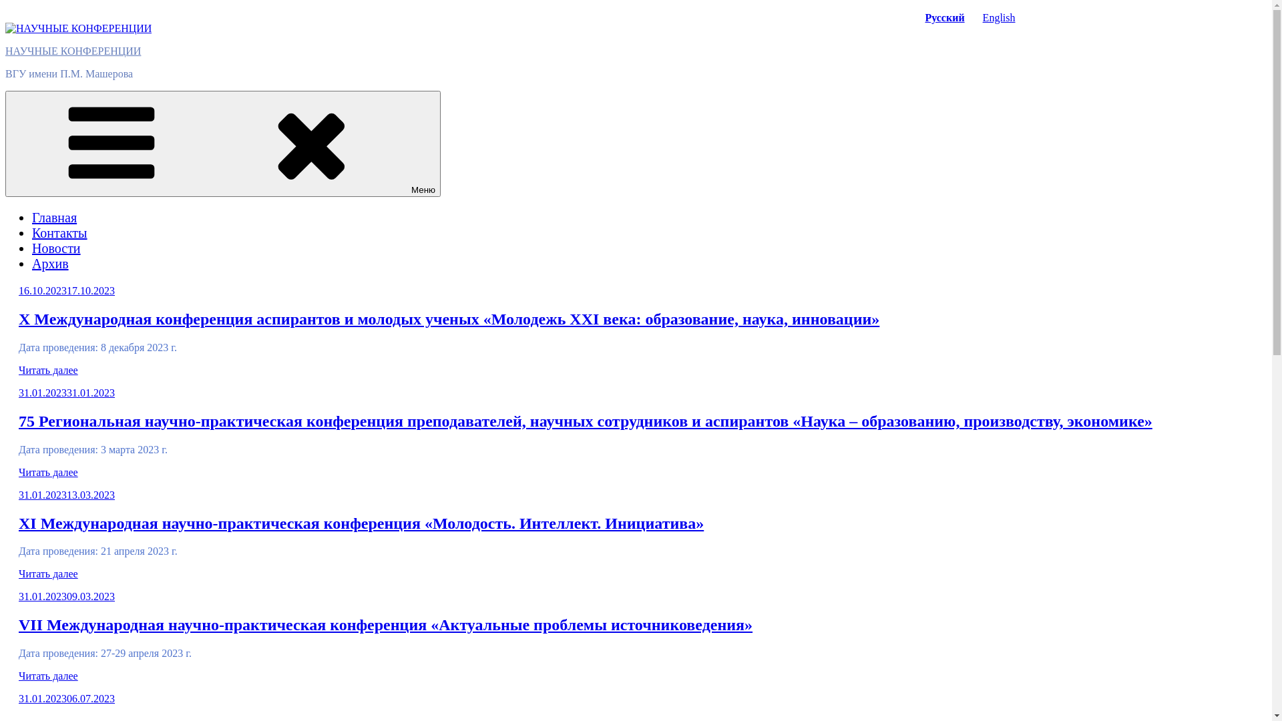  What do you see at coordinates (66, 392) in the screenshot?
I see `'31.01.202331.01.2023'` at bounding box center [66, 392].